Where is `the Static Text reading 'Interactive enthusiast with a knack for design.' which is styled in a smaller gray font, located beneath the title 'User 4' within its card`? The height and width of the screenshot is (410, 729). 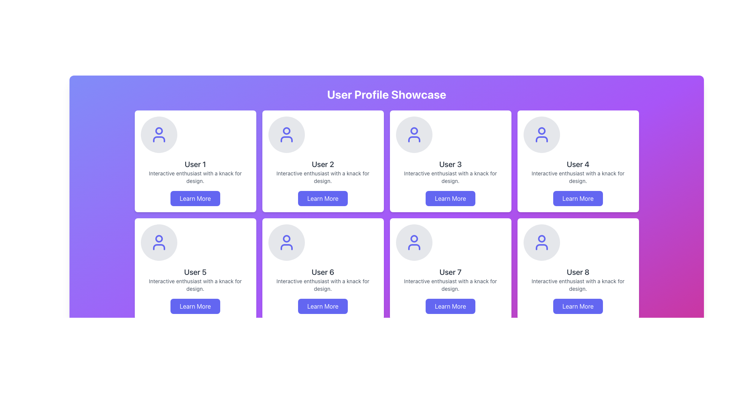
the Static Text reading 'Interactive enthusiast with a knack for design.' which is styled in a smaller gray font, located beneath the title 'User 4' within its card is located at coordinates (578, 177).